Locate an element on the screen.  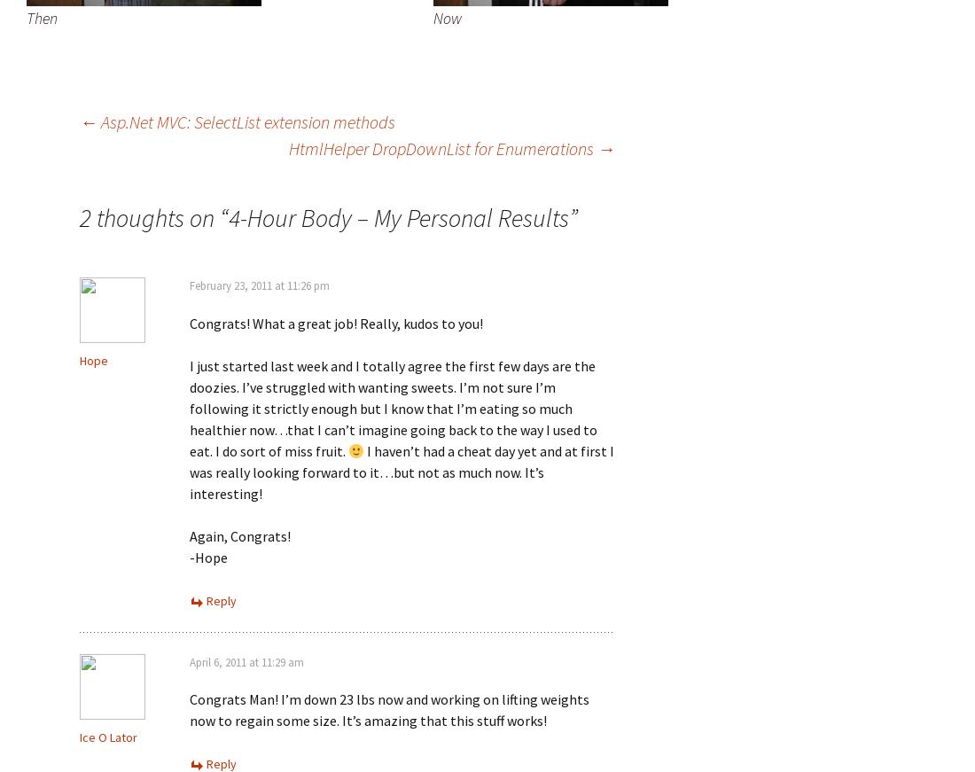
'Then' is located at coordinates (41, 17).